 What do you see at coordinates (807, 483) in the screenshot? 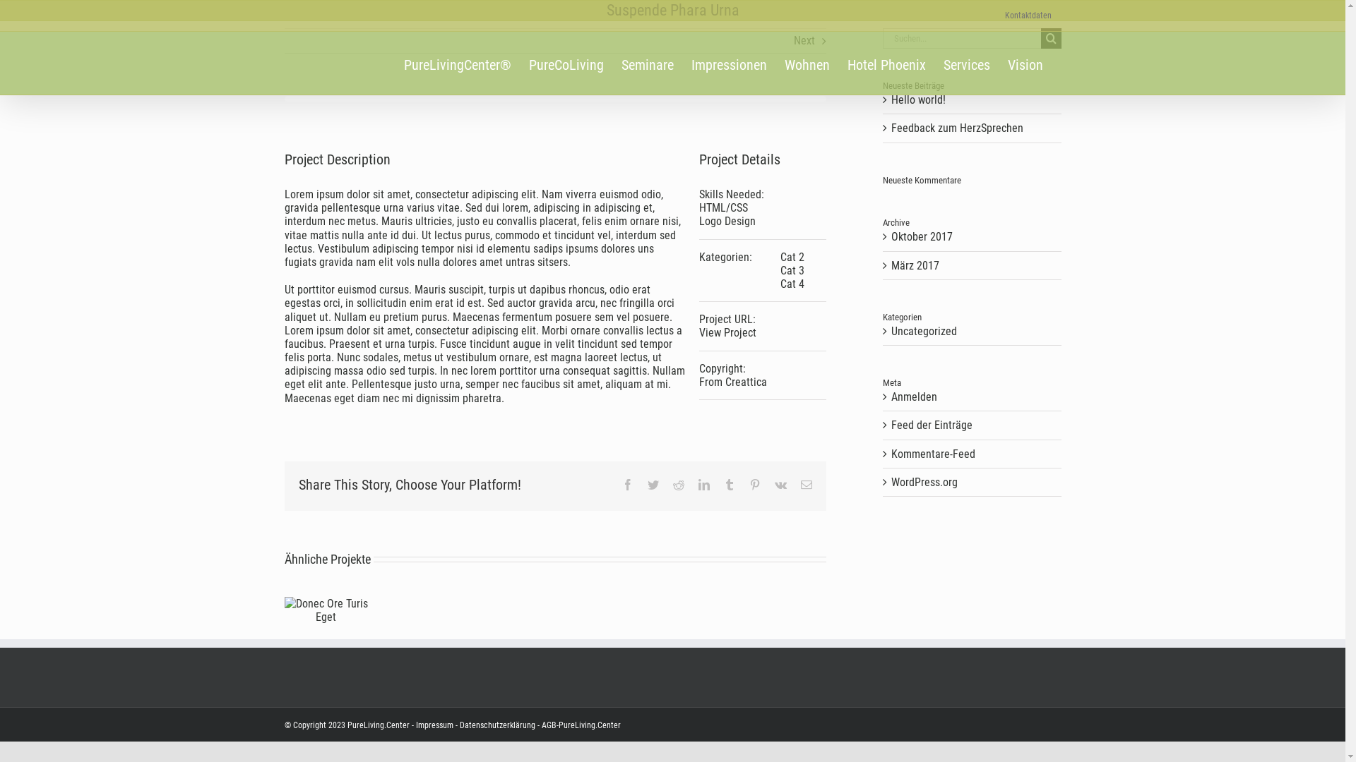
I see `'E-Mail'` at bounding box center [807, 483].